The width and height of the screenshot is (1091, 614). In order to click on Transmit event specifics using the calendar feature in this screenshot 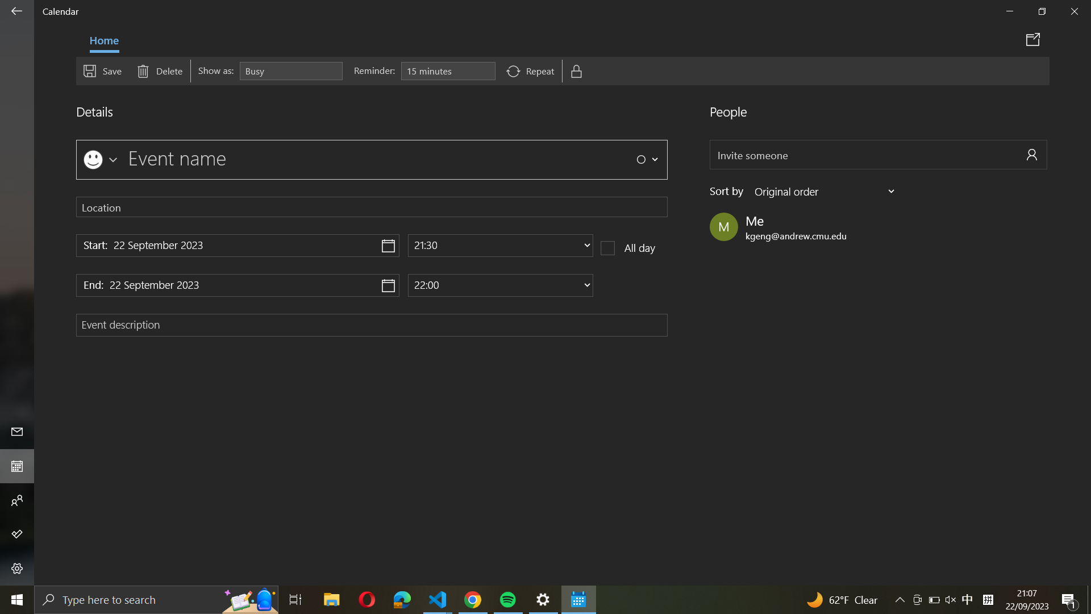, I will do `click(1035, 39)`.